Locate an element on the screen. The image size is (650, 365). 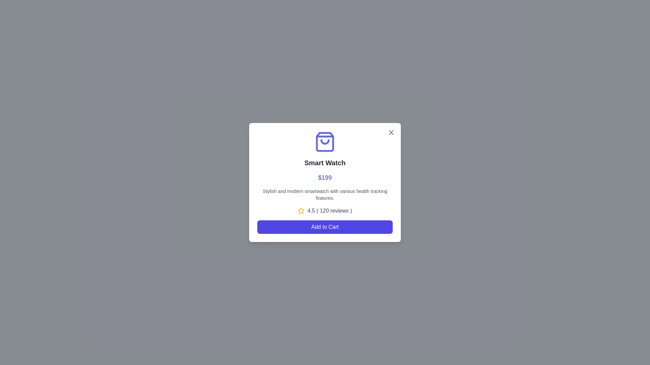
Rating Icon (Star) located immediately before the text '4.5 (120 reviews)' in the dialog box to gather its details is located at coordinates (301, 210).